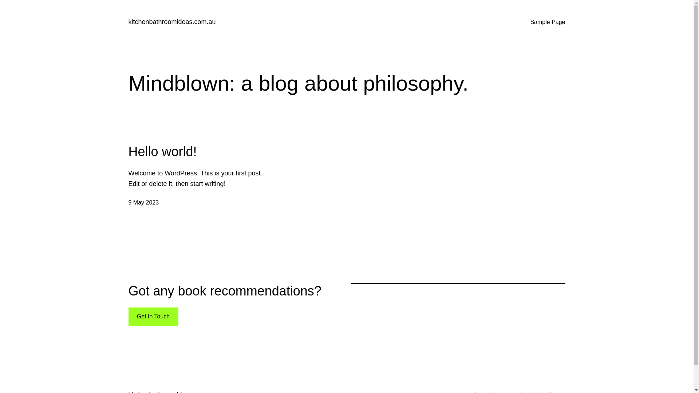 This screenshot has width=699, height=393. I want to click on 'kitchenbathroomideas.com.au', so click(171, 21).